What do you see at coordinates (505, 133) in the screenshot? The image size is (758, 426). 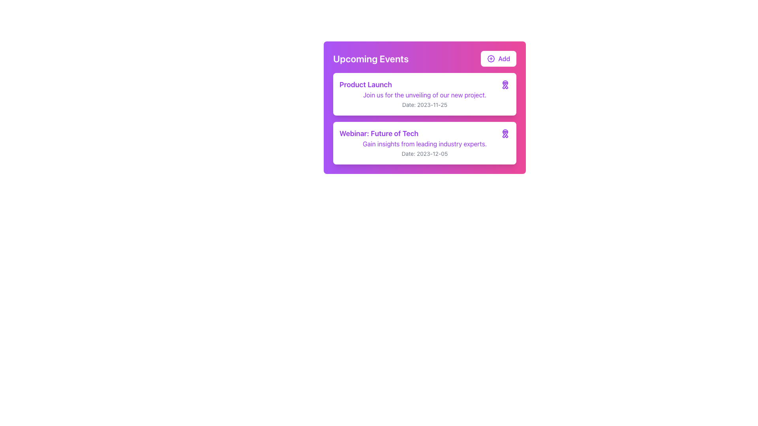 I see `the second ribbon icon associated with the event labeled 'Webinar: Future of Tech', positioned on the right side of the list item` at bounding box center [505, 133].